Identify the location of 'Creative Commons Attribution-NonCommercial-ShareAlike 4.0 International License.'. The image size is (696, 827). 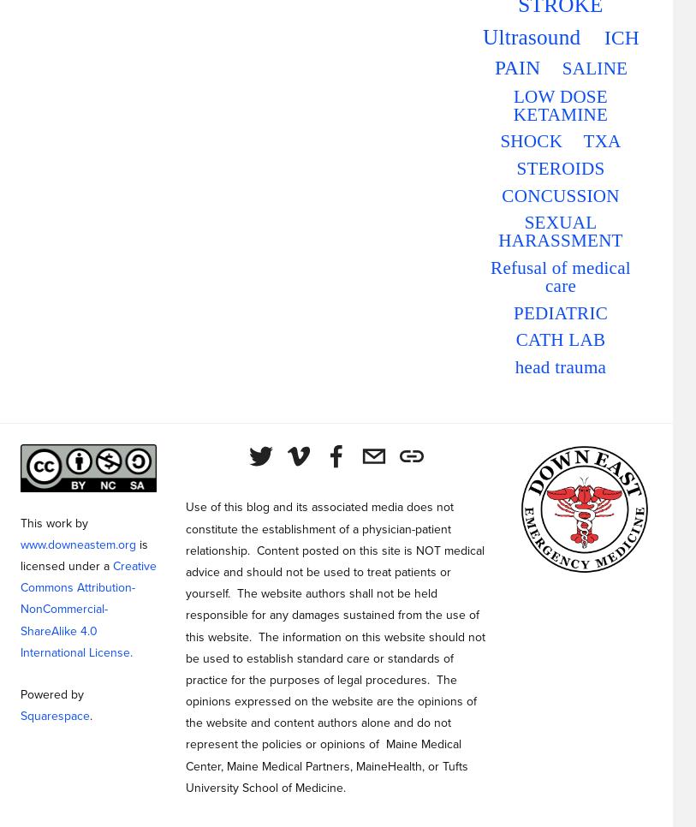
(89, 608).